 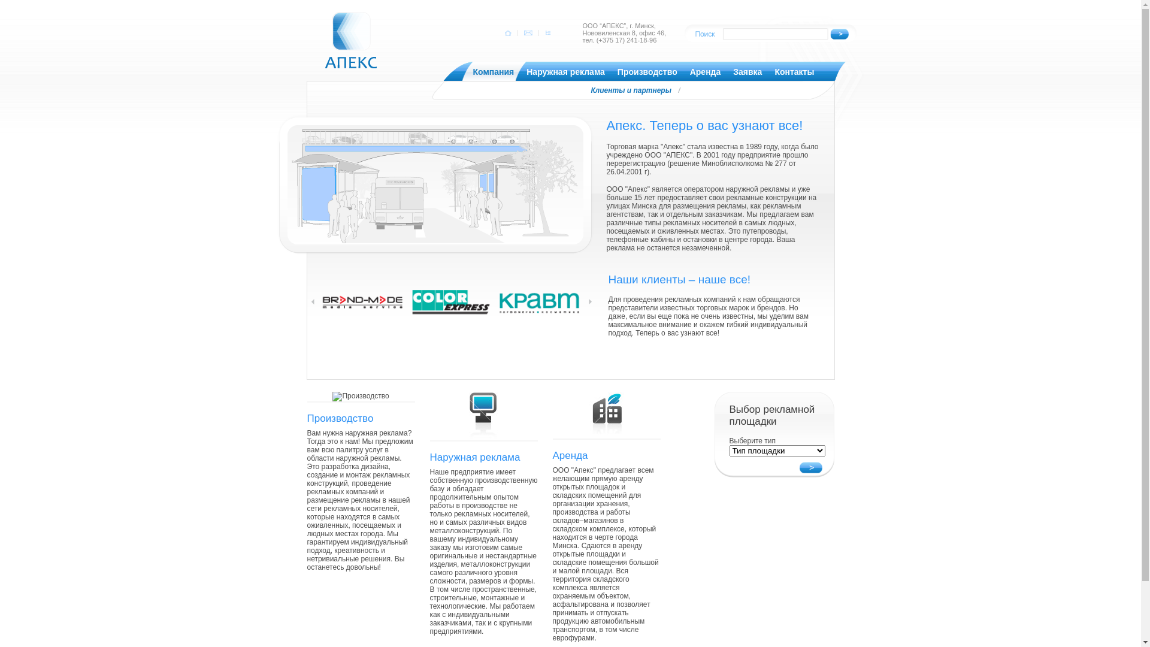 What do you see at coordinates (523, 32) in the screenshot?
I see `' '` at bounding box center [523, 32].